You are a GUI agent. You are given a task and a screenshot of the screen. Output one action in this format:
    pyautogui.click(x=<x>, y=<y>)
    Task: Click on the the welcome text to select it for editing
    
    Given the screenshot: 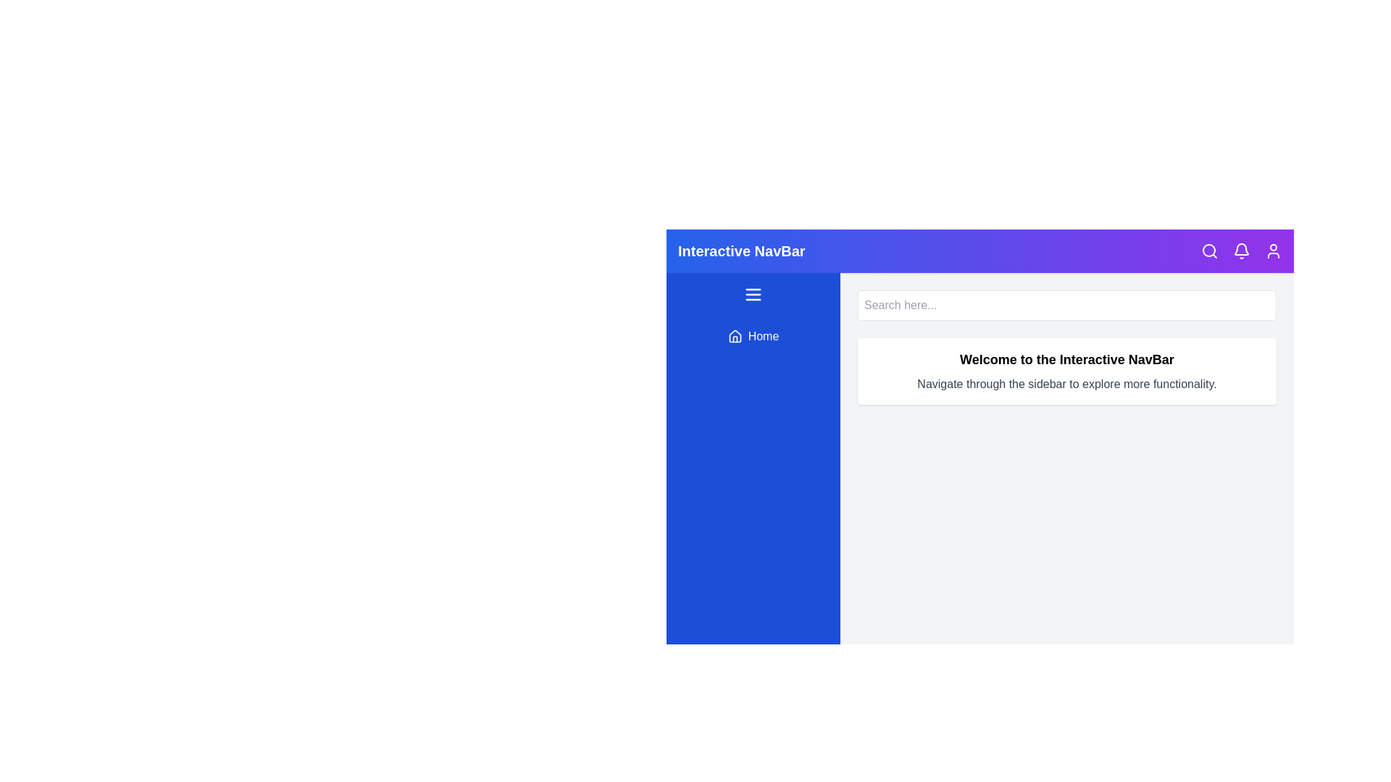 What is the action you would take?
    pyautogui.click(x=1067, y=359)
    